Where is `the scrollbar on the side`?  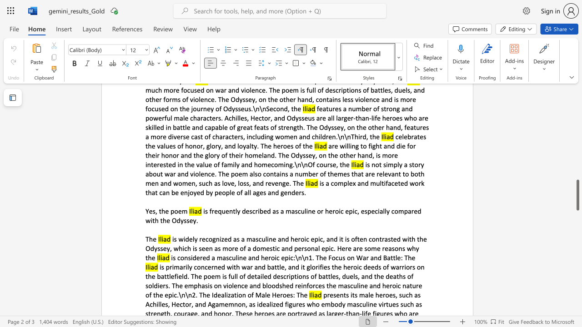
the scrollbar on the side is located at coordinates (577, 154).